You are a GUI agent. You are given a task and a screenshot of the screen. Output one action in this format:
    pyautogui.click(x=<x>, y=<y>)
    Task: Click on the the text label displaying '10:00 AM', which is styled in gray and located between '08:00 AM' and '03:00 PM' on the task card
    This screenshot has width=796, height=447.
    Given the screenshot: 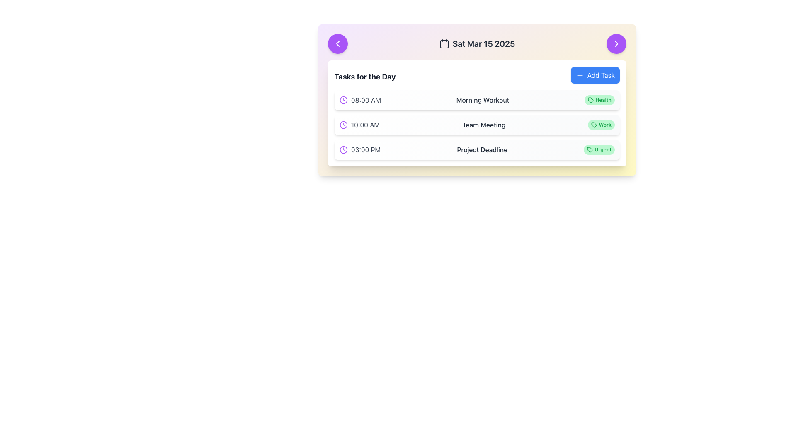 What is the action you would take?
    pyautogui.click(x=365, y=125)
    